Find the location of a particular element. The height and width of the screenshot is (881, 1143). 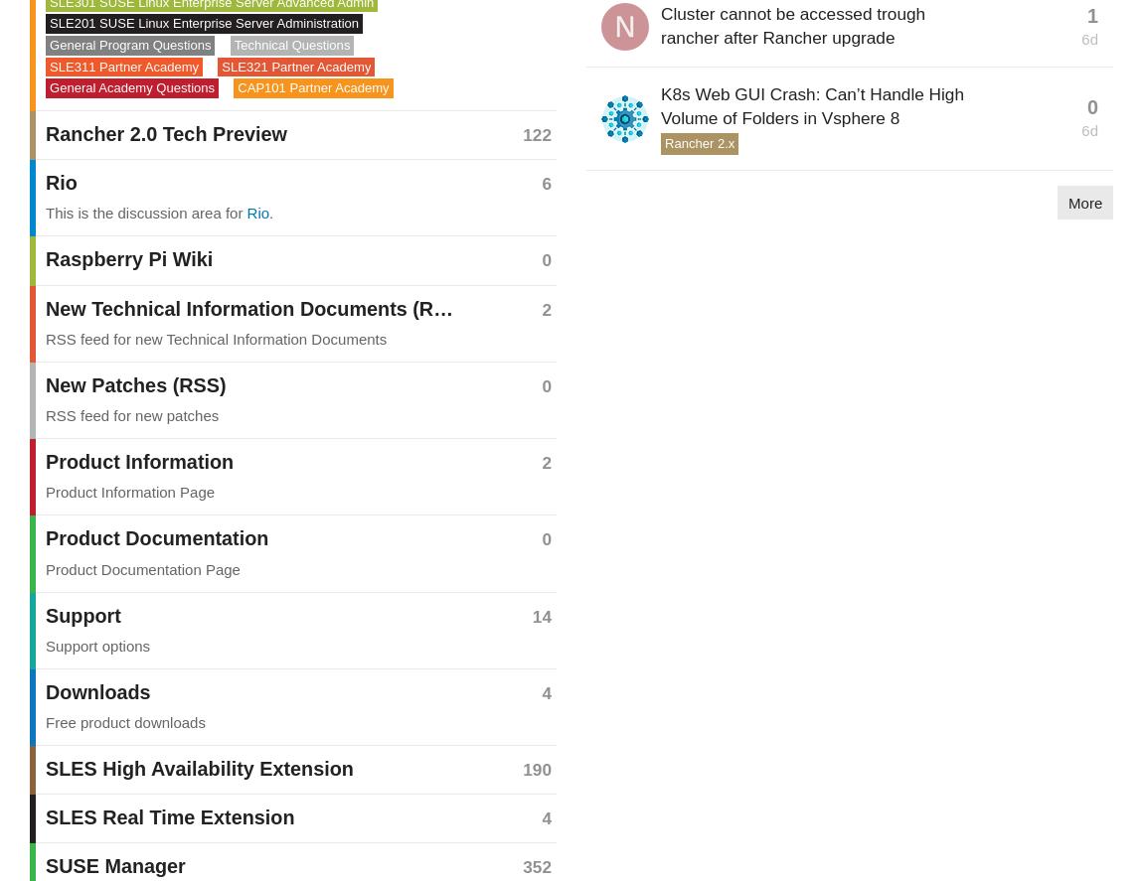

'SLE201 SUSE Linux Enterprise Server Administration' is located at coordinates (203, 23).